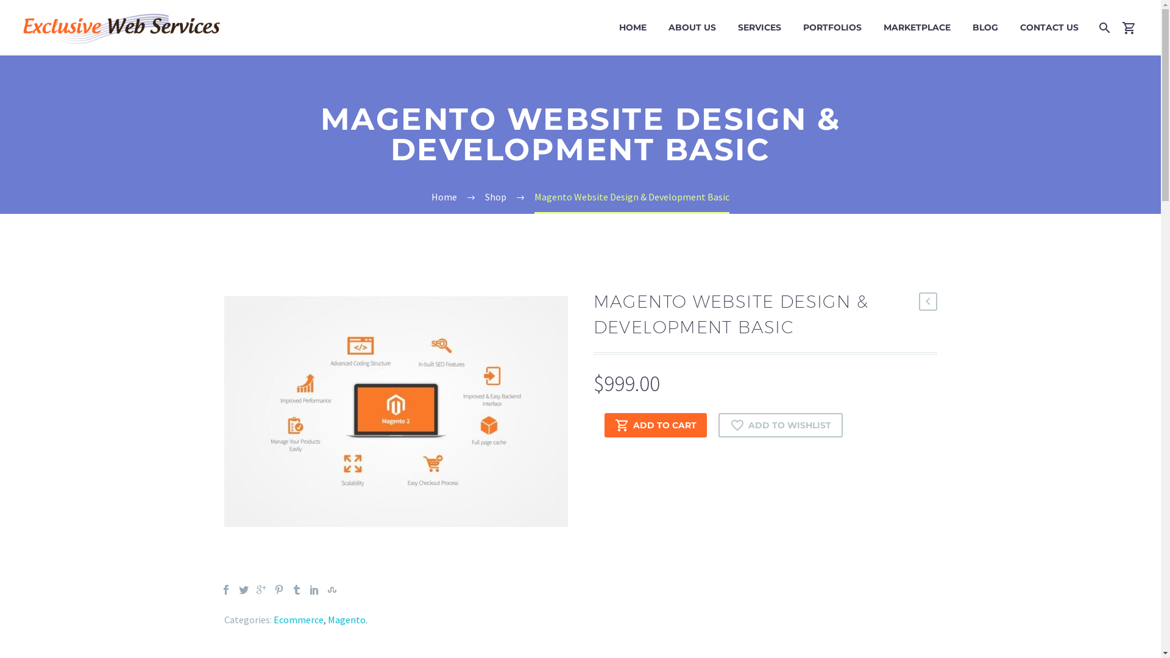 This screenshot has width=1170, height=658. Describe the element at coordinates (692, 27) in the screenshot. I see `'ABOUT US'` at that location.